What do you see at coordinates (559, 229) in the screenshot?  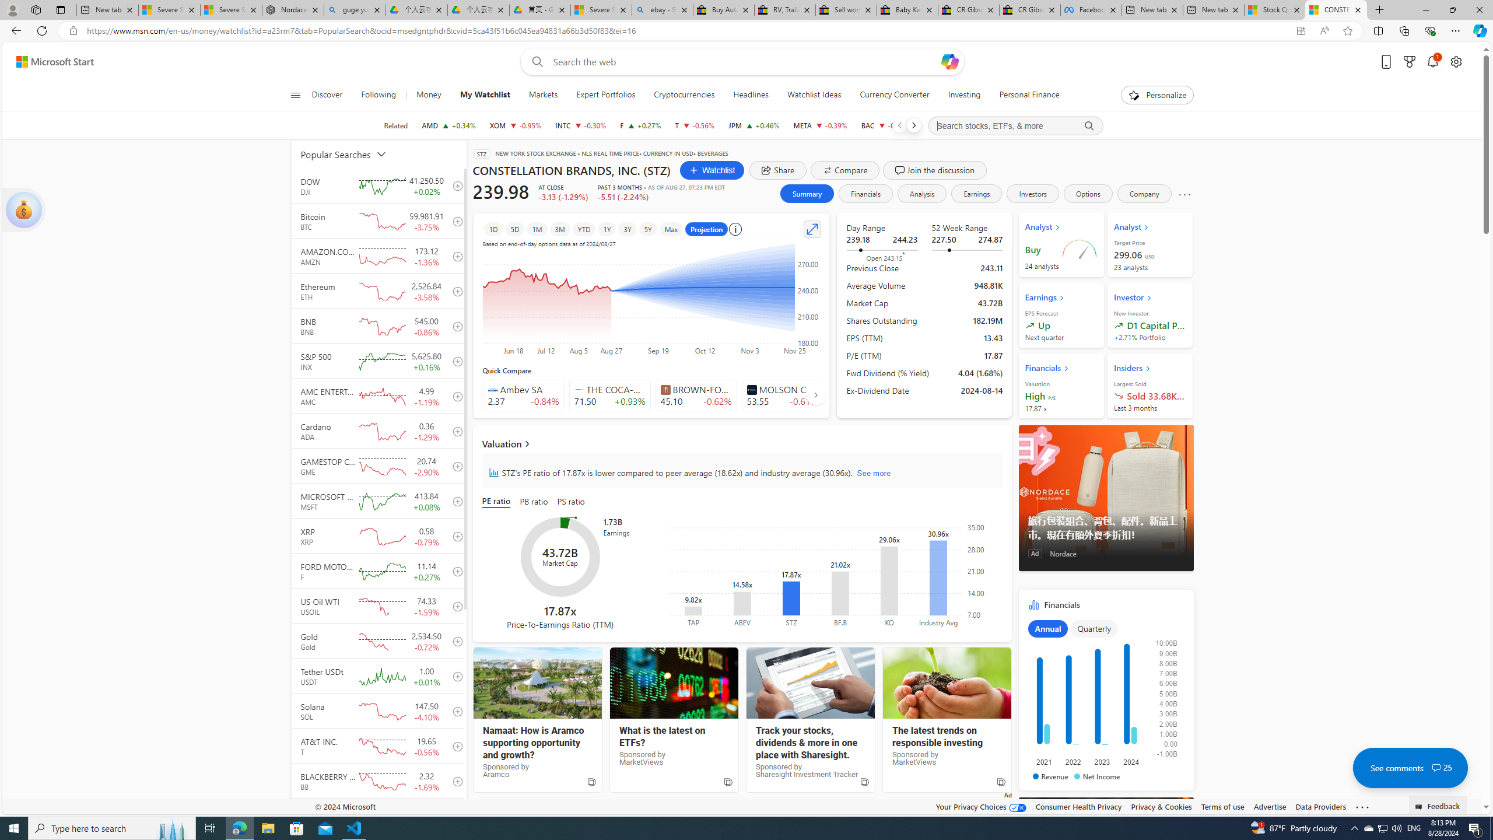 I see `'3M'` at bounding box center [559, 229].